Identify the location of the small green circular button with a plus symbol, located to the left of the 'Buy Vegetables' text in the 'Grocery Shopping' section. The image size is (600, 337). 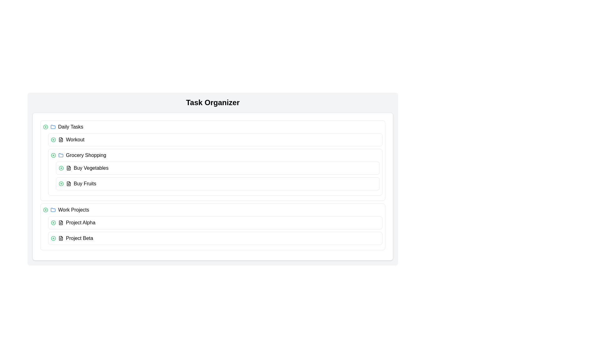
(61, 168).